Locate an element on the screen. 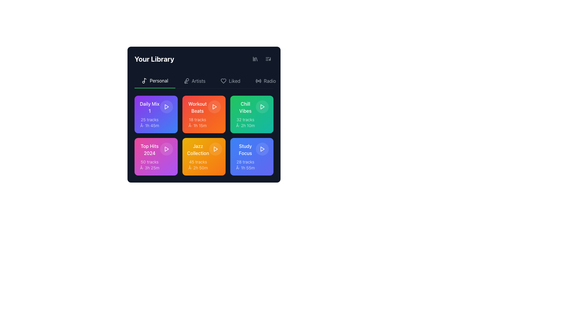 This screenshot has height=317, width=564. the 'Artists' navigation option in the horizontal navigation bar is located at coordinates (199, 81).